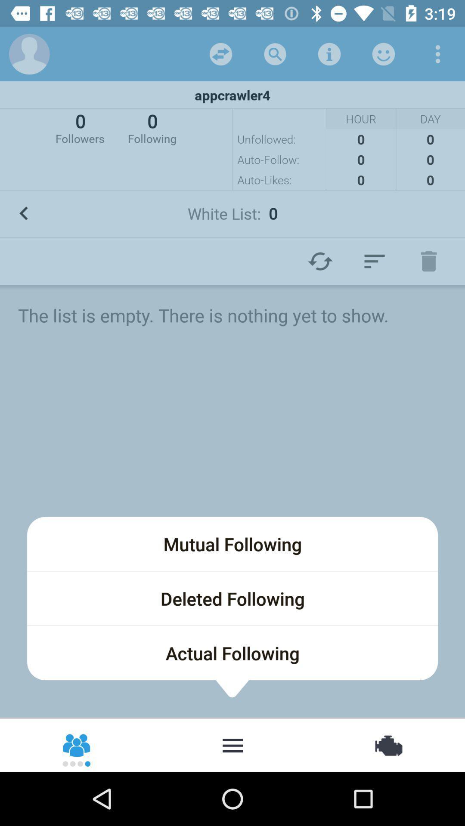 This screenshot has width=465, height=826. I want to click on the delete icon, so click(428, 261).